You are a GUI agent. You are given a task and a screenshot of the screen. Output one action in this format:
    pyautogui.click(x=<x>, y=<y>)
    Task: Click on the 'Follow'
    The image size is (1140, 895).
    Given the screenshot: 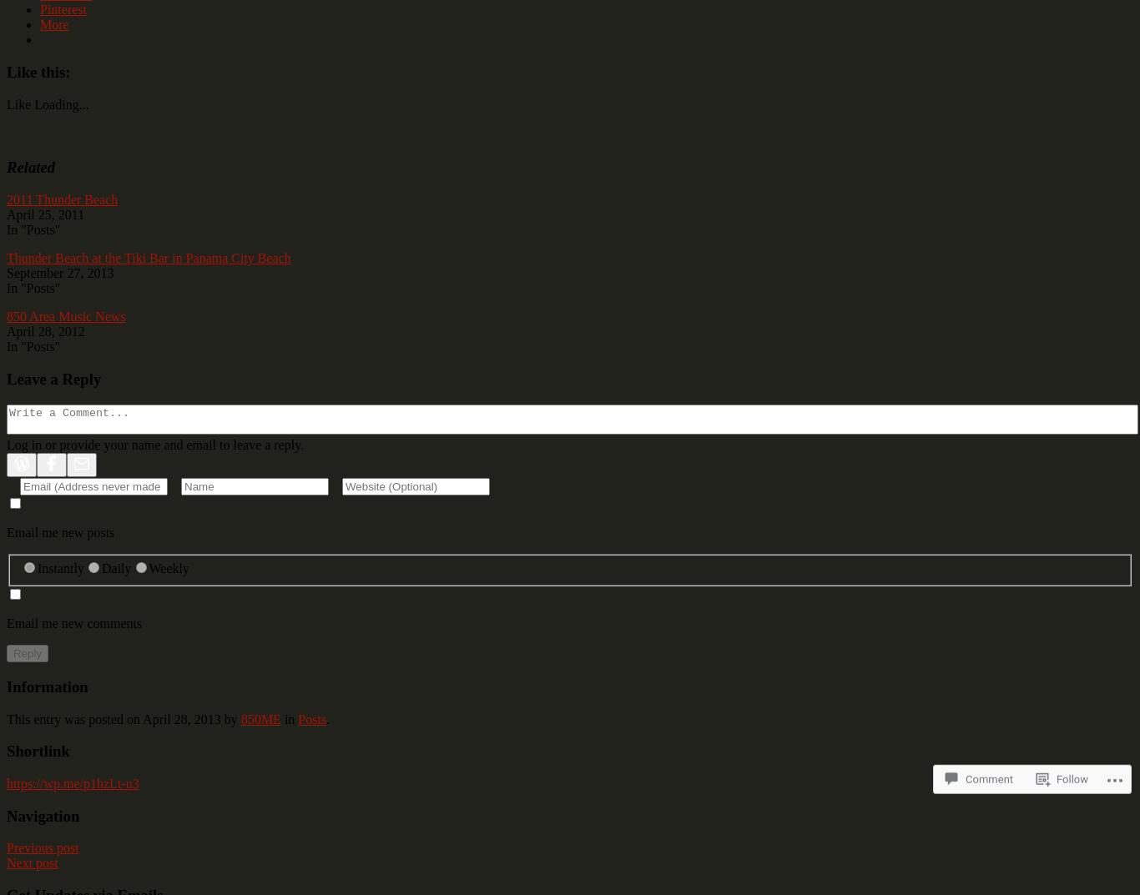 What is the action you would take?
    pyautogui.click(x=1071, y=750)
    